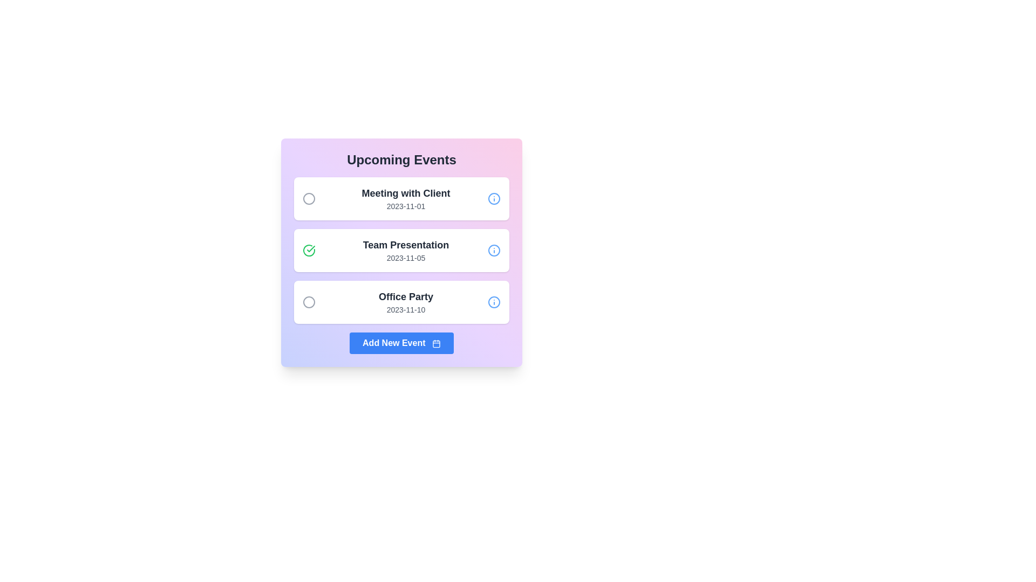 Image resolution: width=1036 pixels, height=582 pixels. I want to click on the 'Add New Event' button, which is a vibrant blue rectangular button with rounded corners, featuring bold white text and a small calendar icon on the right, so click(401, 343).